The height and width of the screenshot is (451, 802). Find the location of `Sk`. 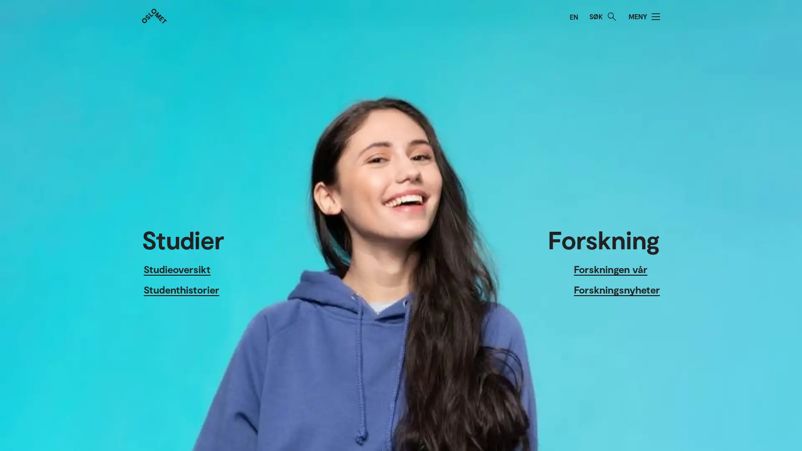

Sk is located at coordinates (612, 16).